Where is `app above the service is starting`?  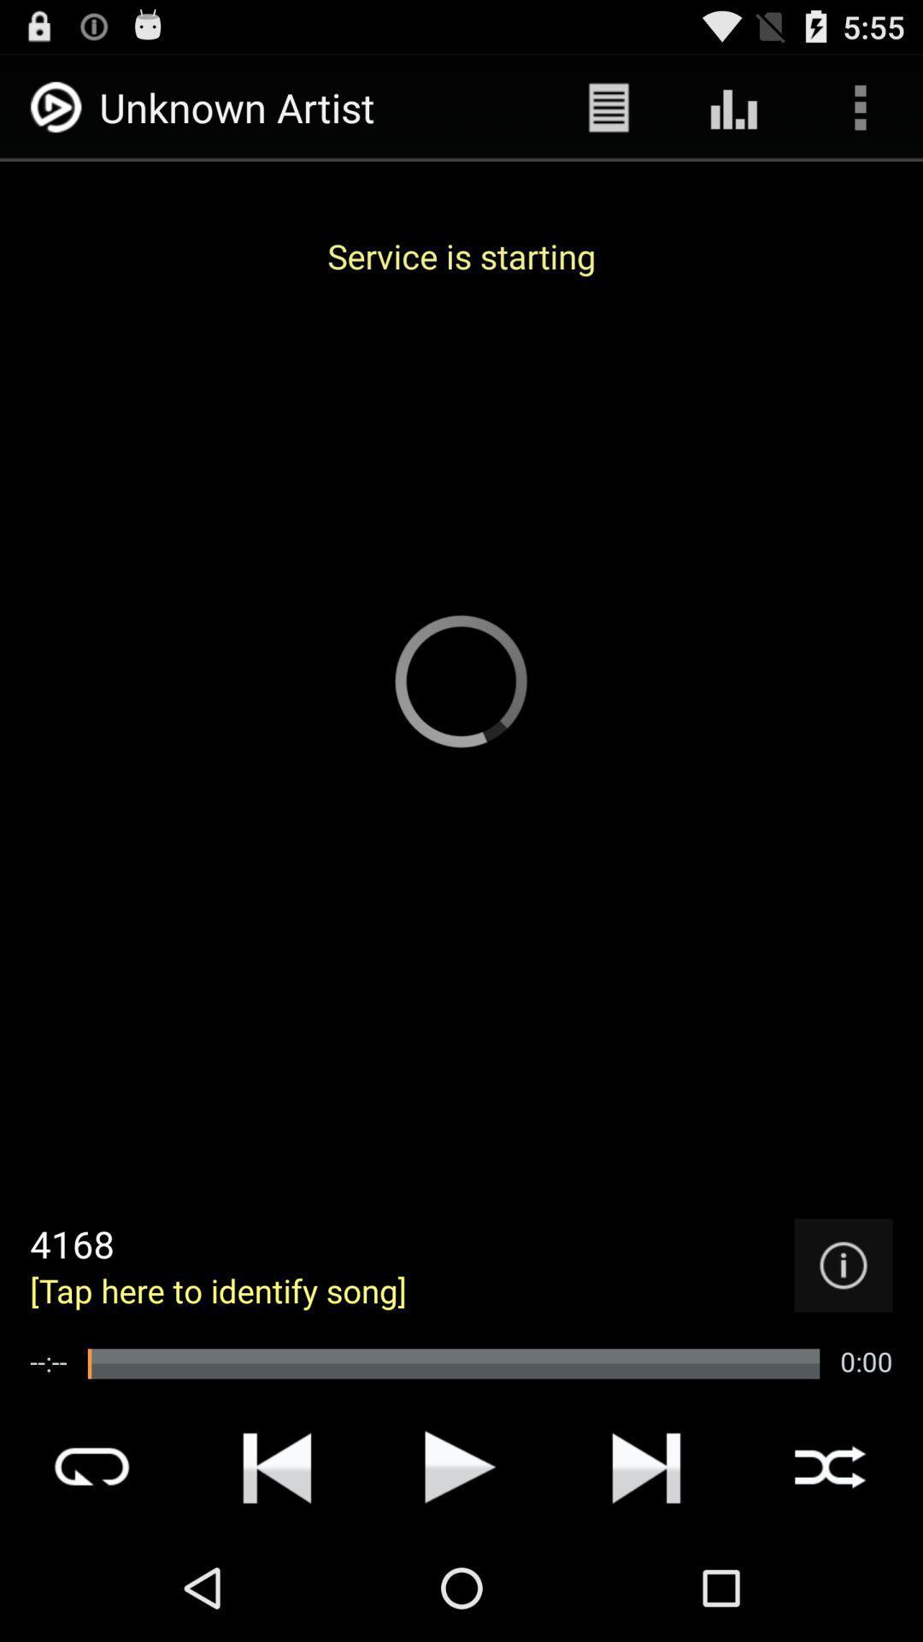 app above the service is starting is located at coordinates (860, 106).